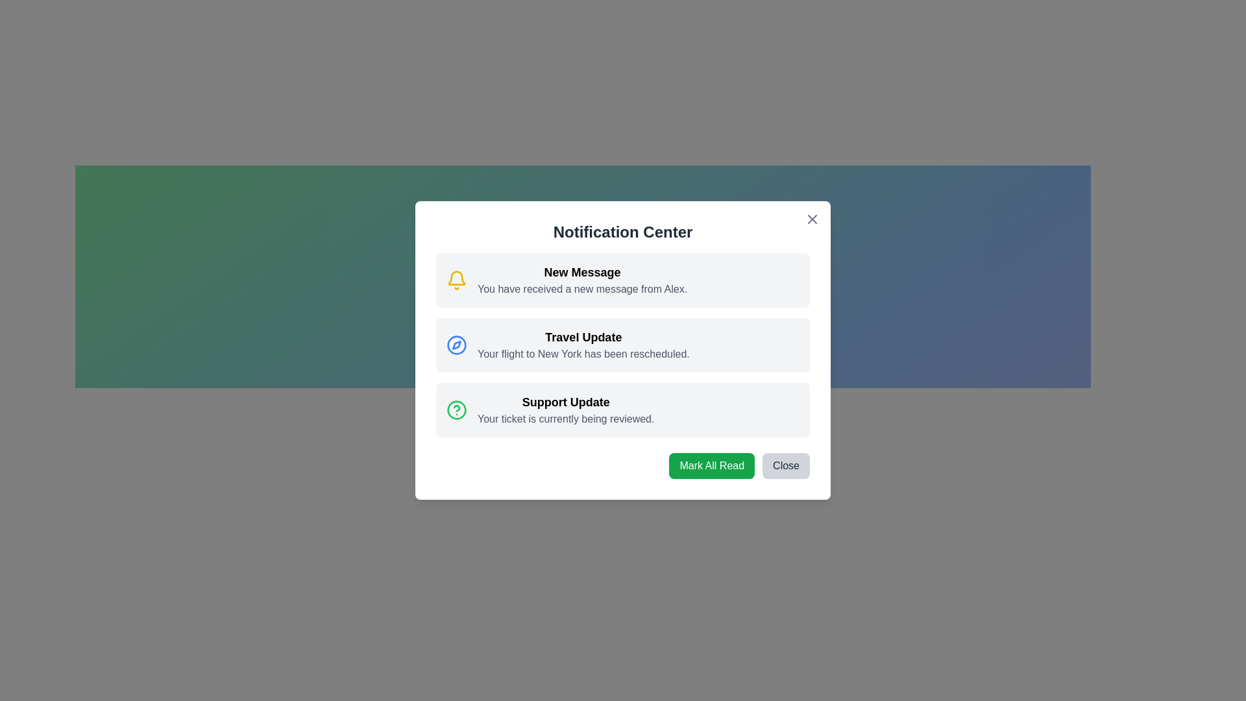  What do you see at coordinates (457, 345) in the screenshot?
I see `the blue outlined SVG Circle located within the compass icon in the Travel Update section of the Notification Center` at bounding box center [457, 345].